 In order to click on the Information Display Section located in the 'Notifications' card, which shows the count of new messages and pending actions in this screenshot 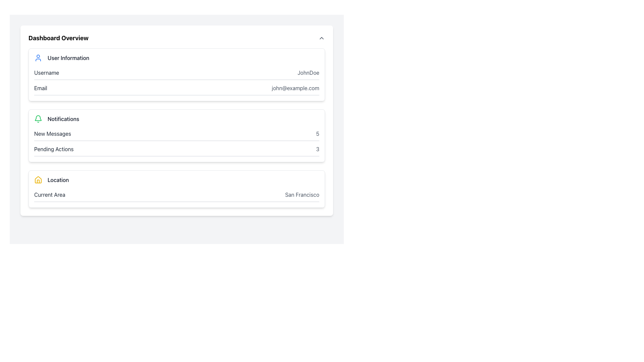, I will do `click(177, 141)`.